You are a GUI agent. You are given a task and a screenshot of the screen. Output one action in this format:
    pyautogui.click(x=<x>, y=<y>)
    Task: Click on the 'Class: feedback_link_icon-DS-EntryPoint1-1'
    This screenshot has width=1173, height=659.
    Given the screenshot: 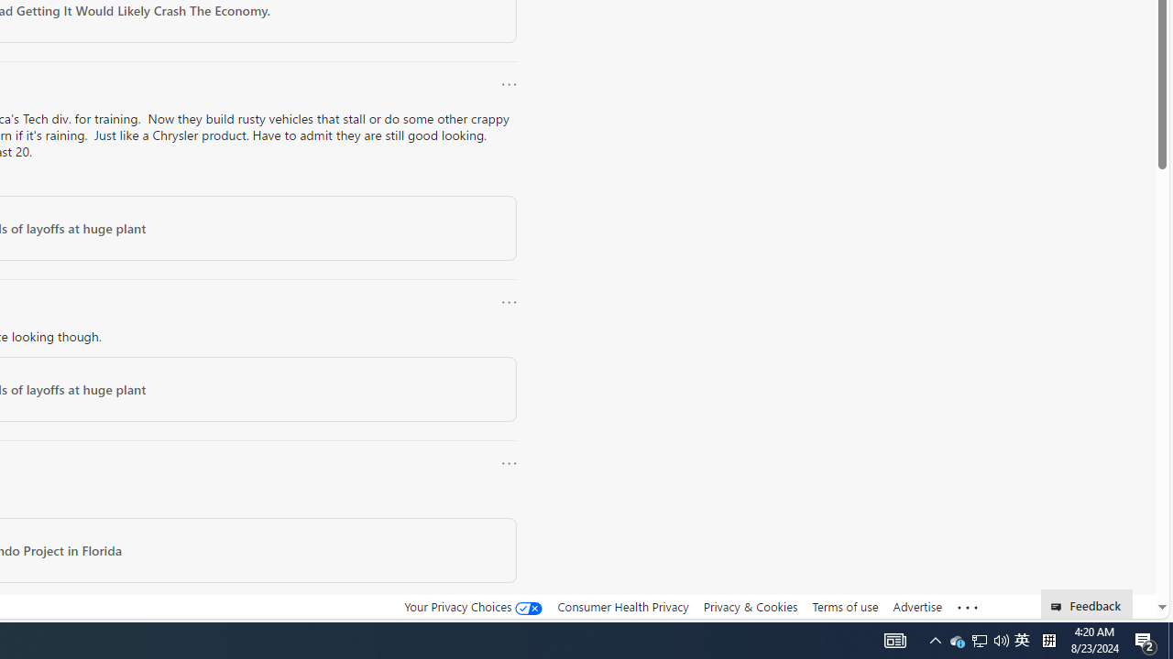 What is the action you would take?
    pyautogui.click(x=1059, y=607)
    